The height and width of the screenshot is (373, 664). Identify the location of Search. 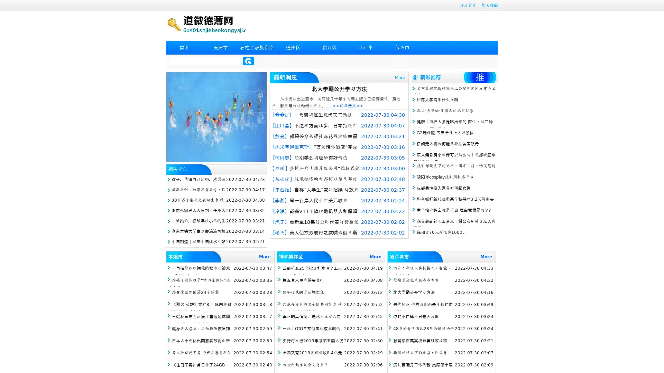
(248, 61).